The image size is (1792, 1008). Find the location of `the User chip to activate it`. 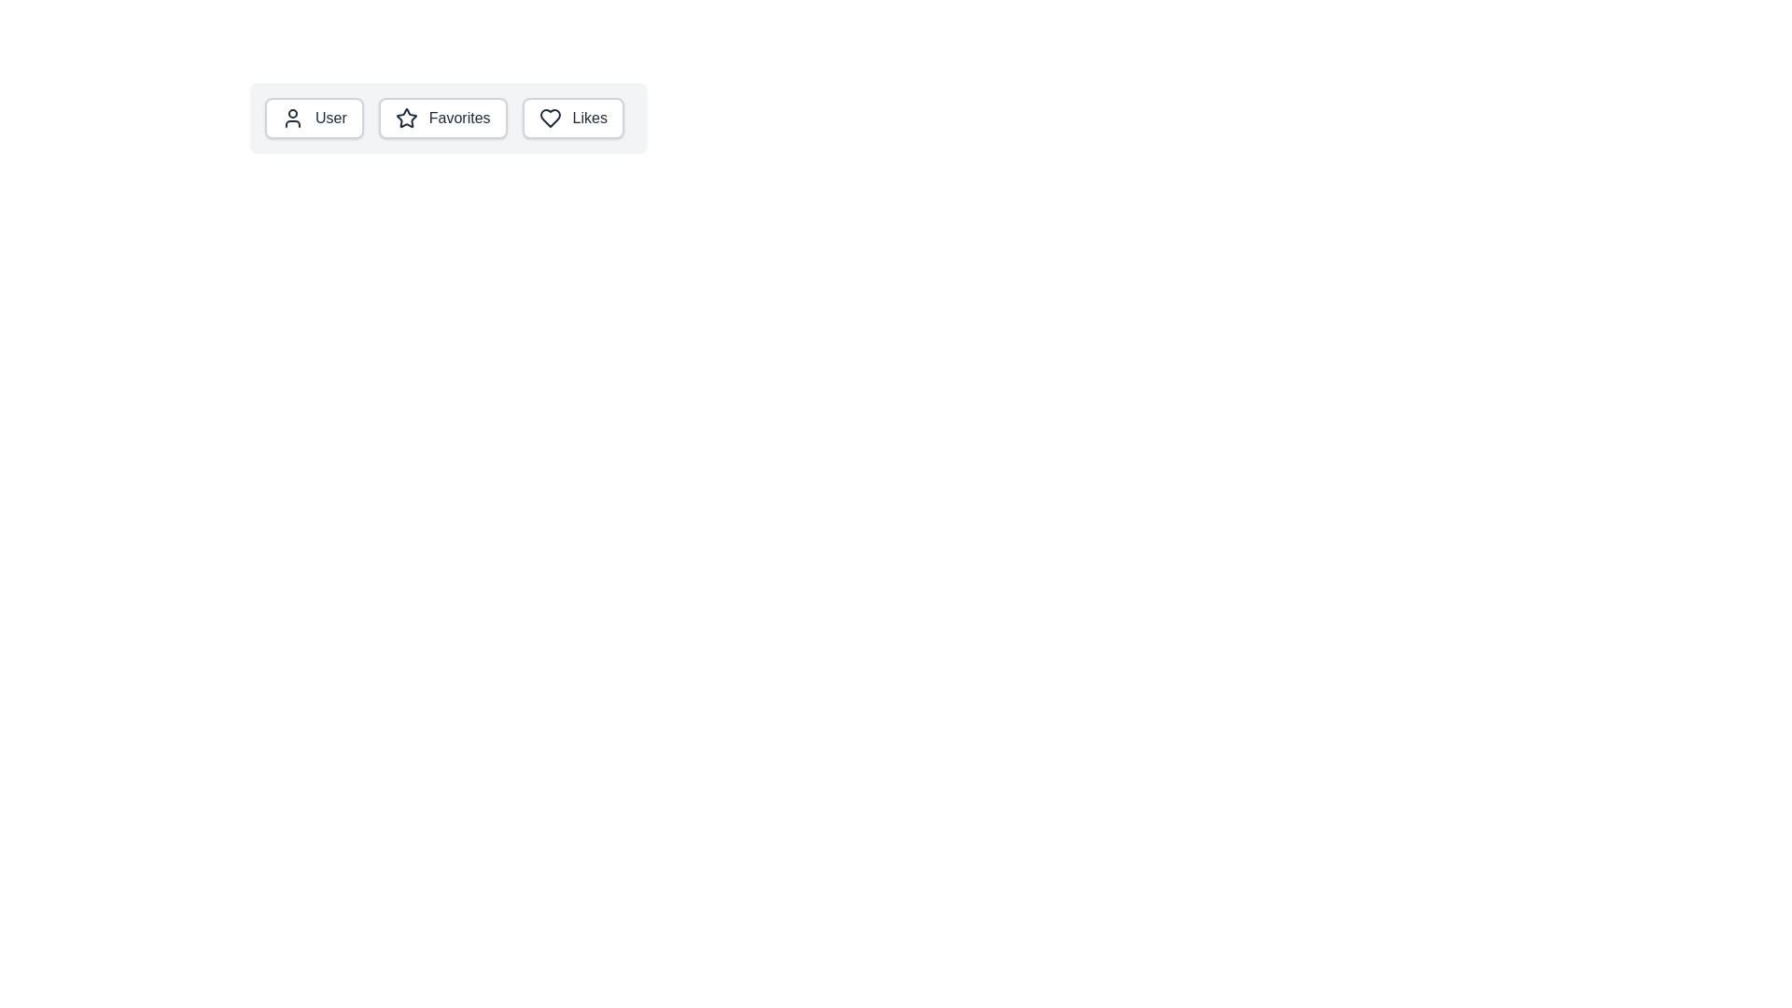

the User chip to activate it is located at coordinates (314, 119).